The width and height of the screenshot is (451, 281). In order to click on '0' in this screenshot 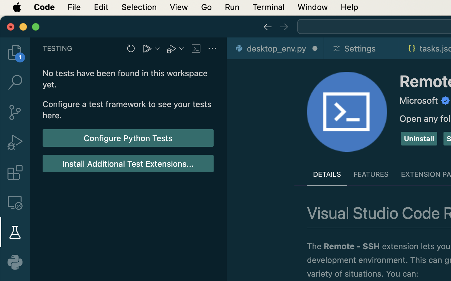, I will do `click(14, 262)`.